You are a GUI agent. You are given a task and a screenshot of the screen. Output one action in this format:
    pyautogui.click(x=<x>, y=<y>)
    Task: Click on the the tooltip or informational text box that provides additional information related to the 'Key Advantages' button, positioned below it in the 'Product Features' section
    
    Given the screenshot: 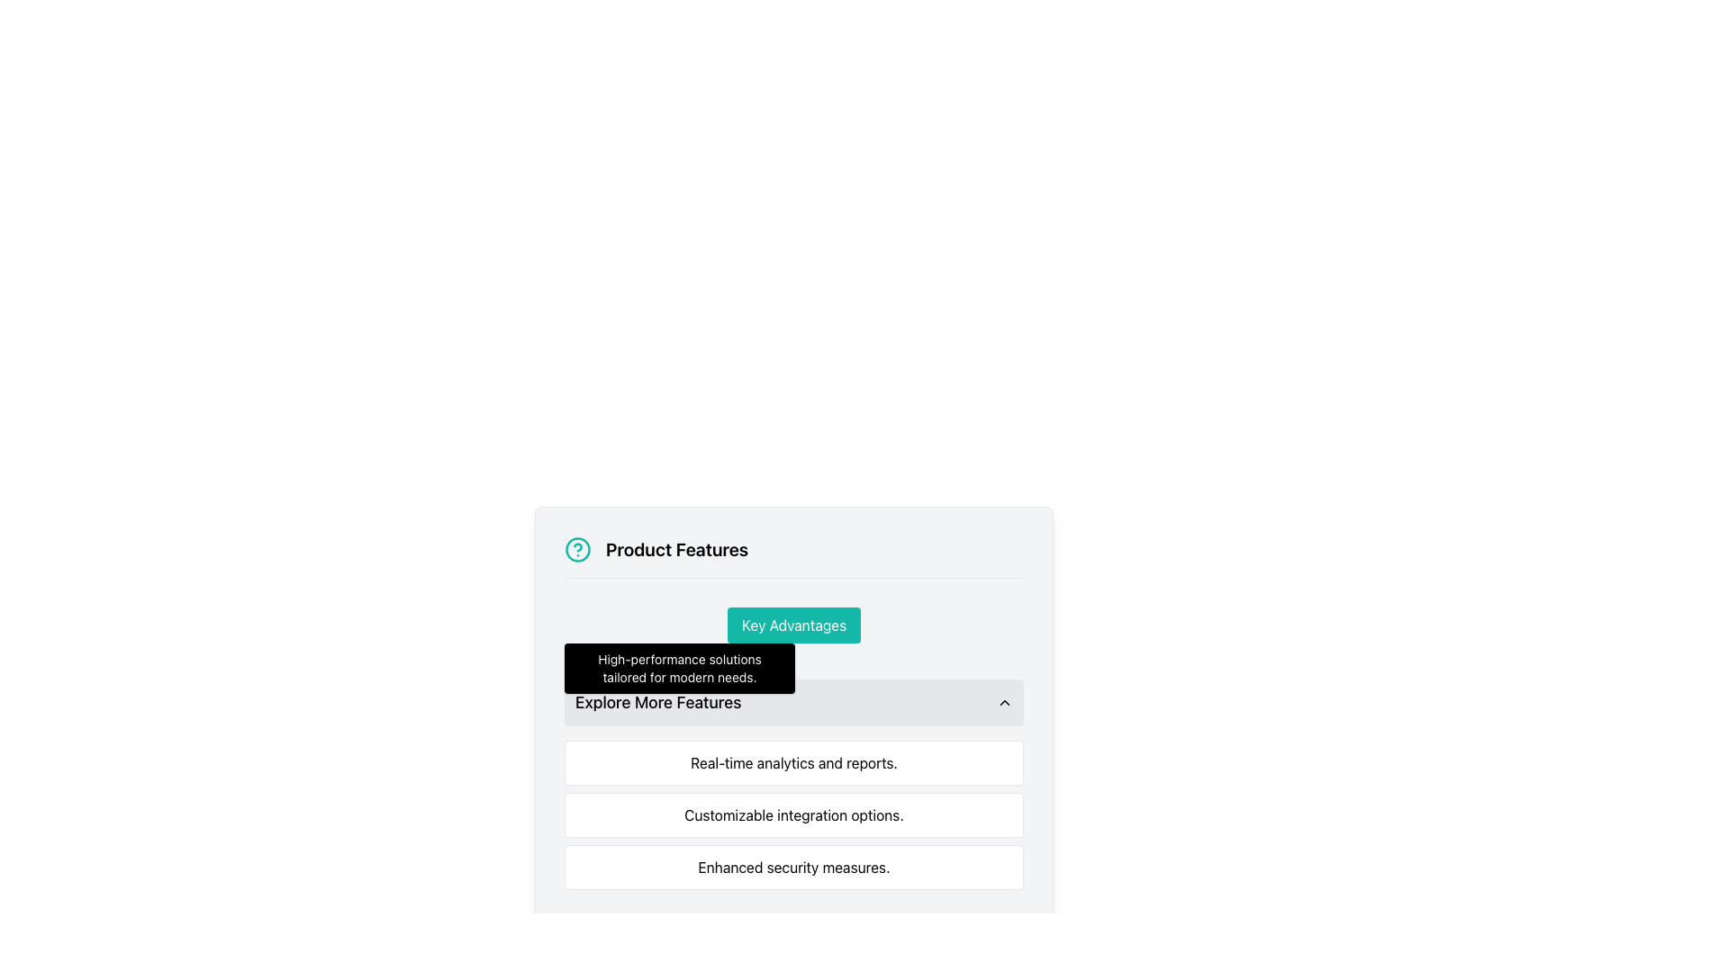 What is the action you would take?
    pyautogui.click(x=678, y=669)
    